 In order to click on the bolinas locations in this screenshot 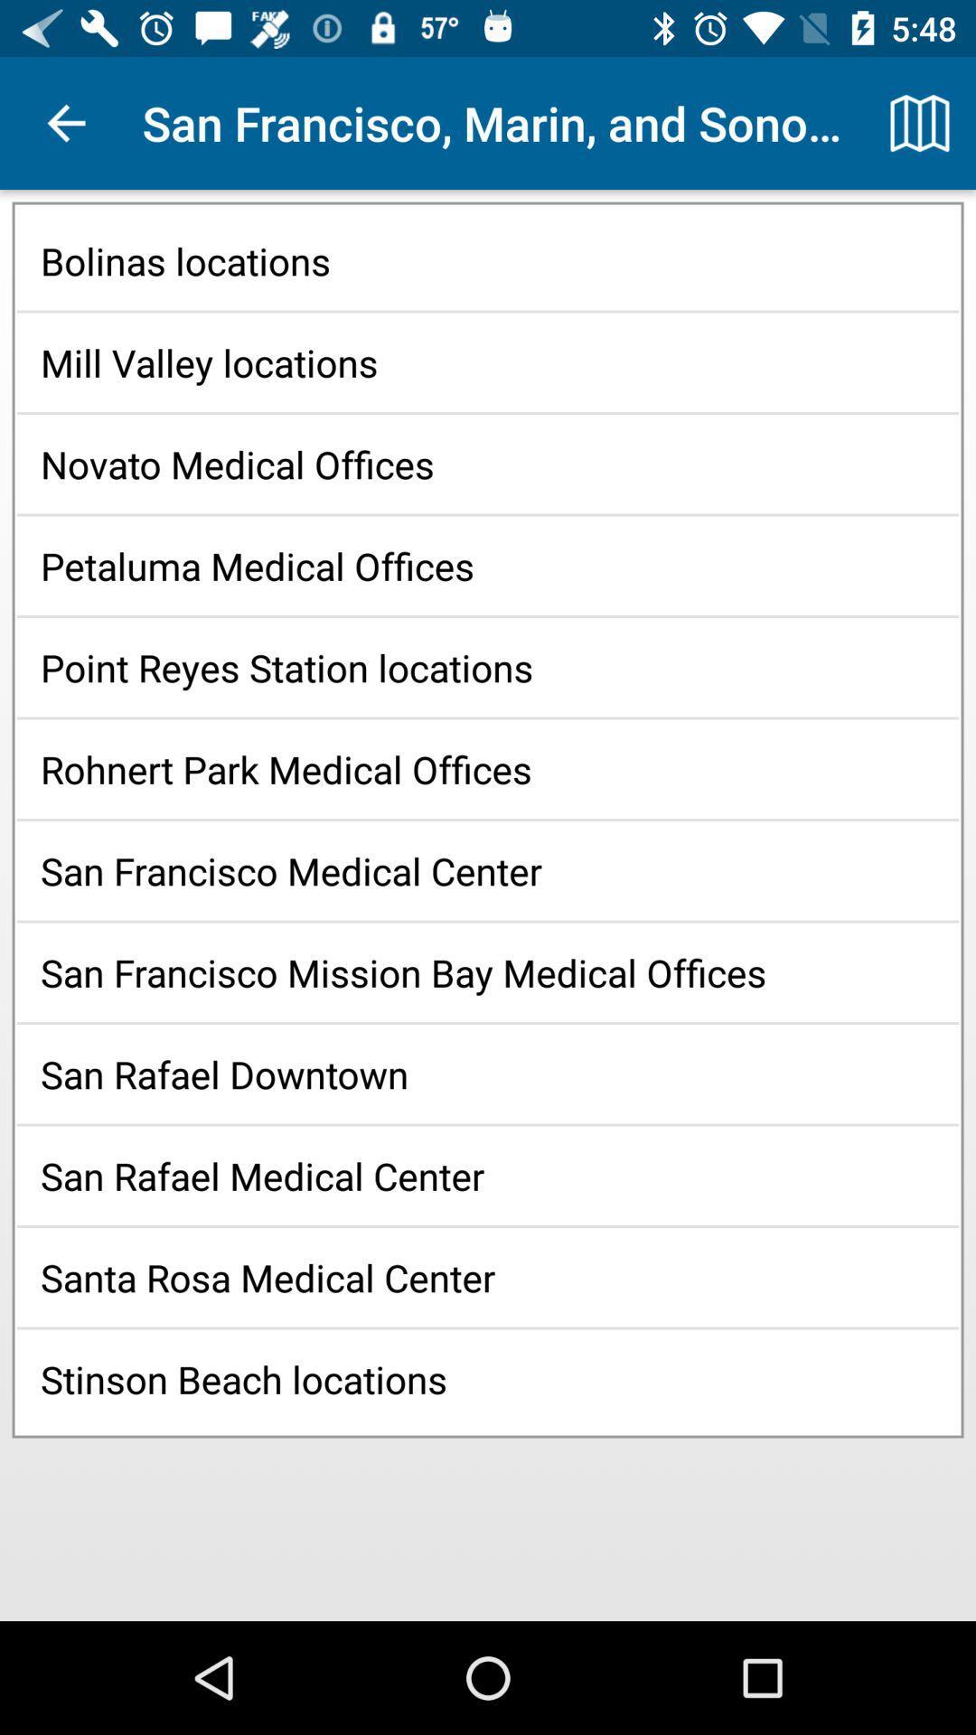, I will do `click(488, 259)`.